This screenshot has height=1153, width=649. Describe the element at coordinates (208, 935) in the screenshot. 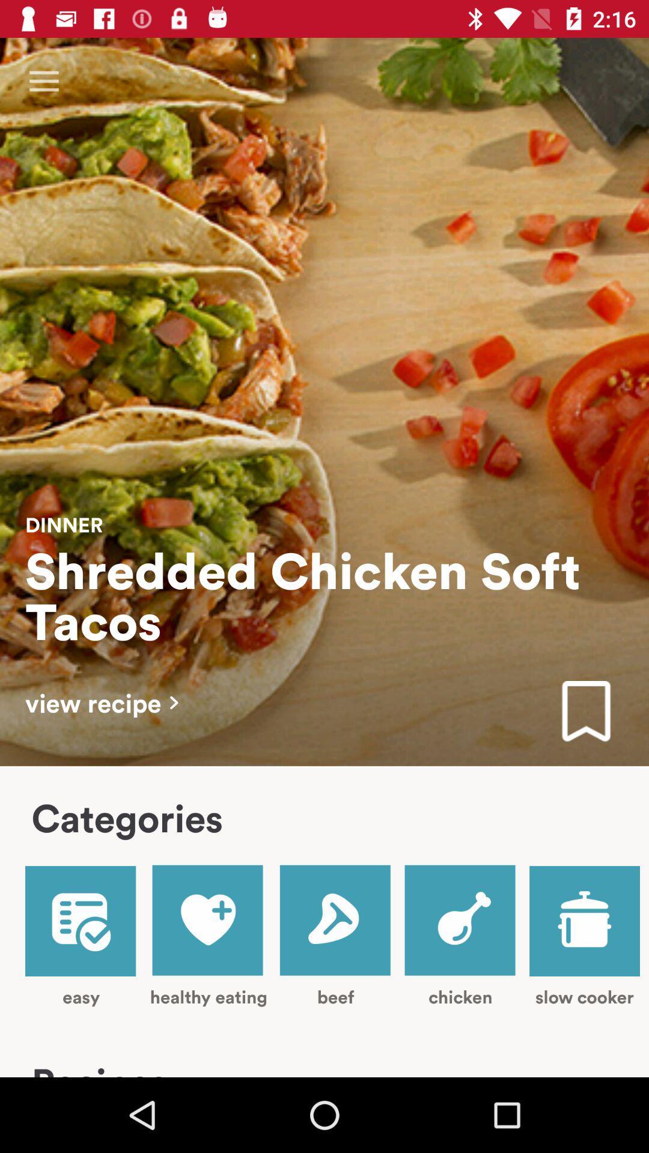

I see `item below the categories` at that location.